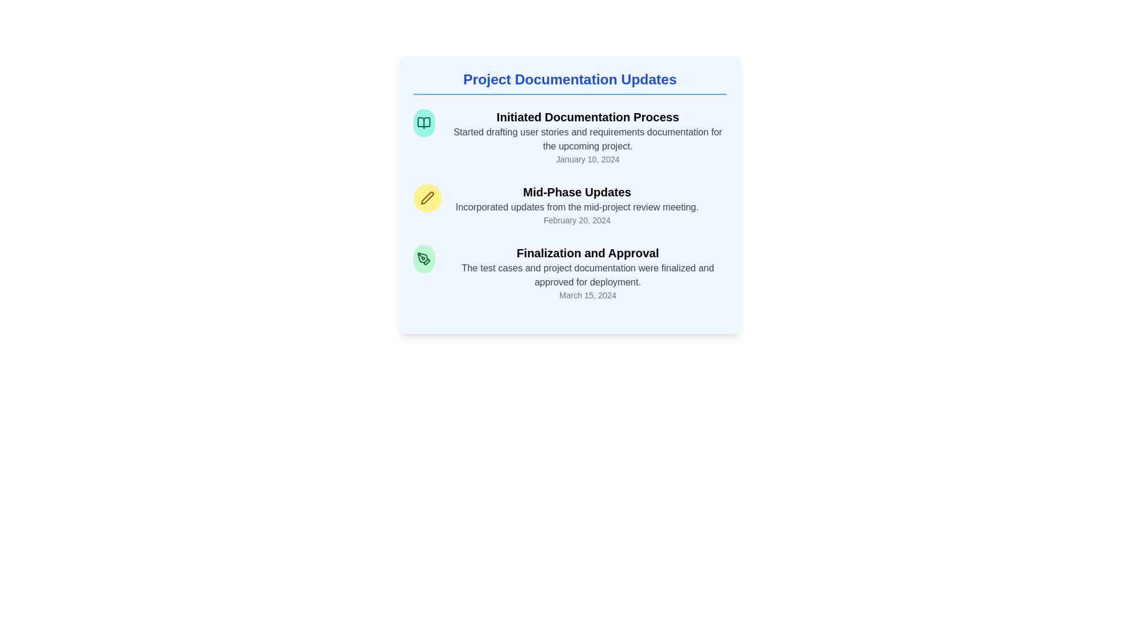 The width and height of the screenshot is (1126, 633). What do you see at coordinates (423, 122) in the screenshot?
I see `the right page of the teal opened book icon located next to the 'Initiated Documentation Process' title` at bounding box center [423, 122].